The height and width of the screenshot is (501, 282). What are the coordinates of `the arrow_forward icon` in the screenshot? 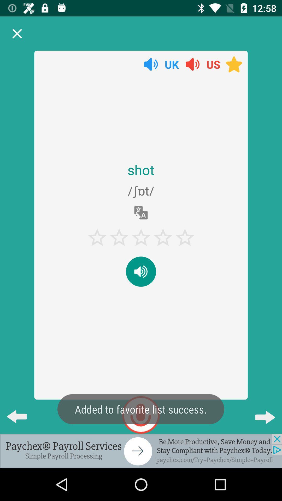 It's located at (261, 412).